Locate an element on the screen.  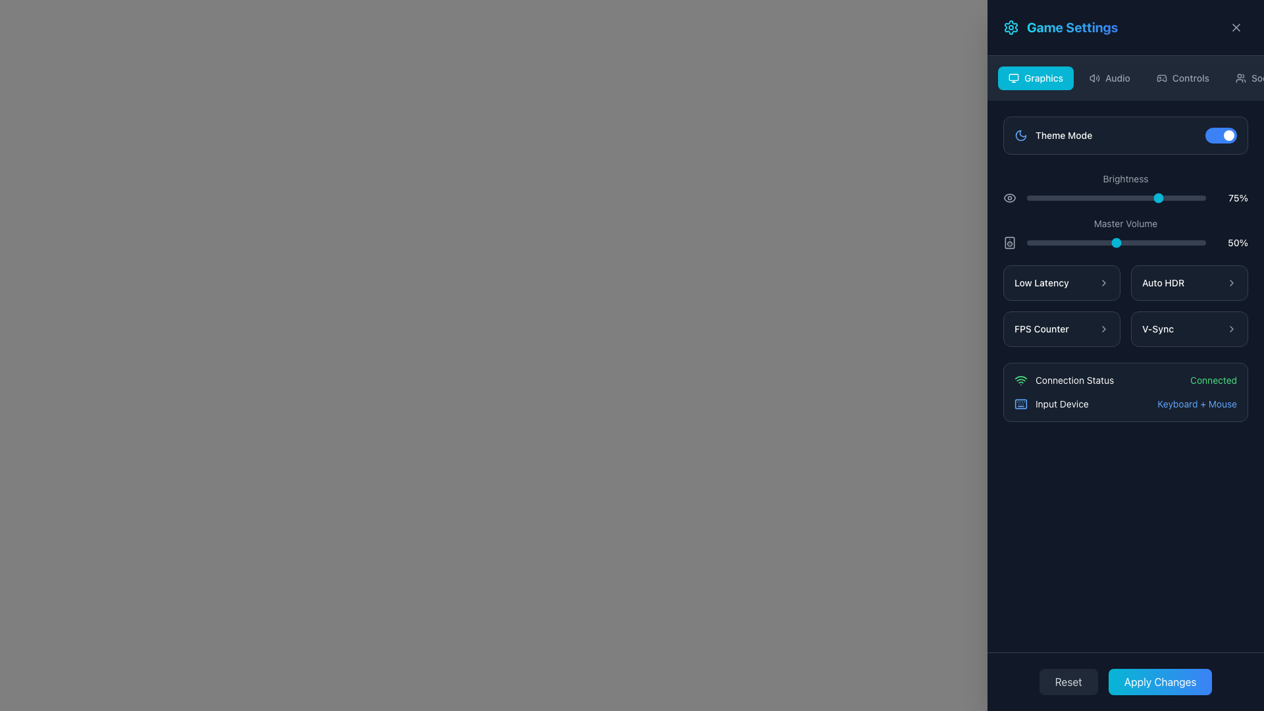
the green Wi-Fi icon with three arcs and a dot, located in the 'Connection Status' section of the settings panel, to the left of the text 'Connection Status' is located at coordinates (1020, 381).